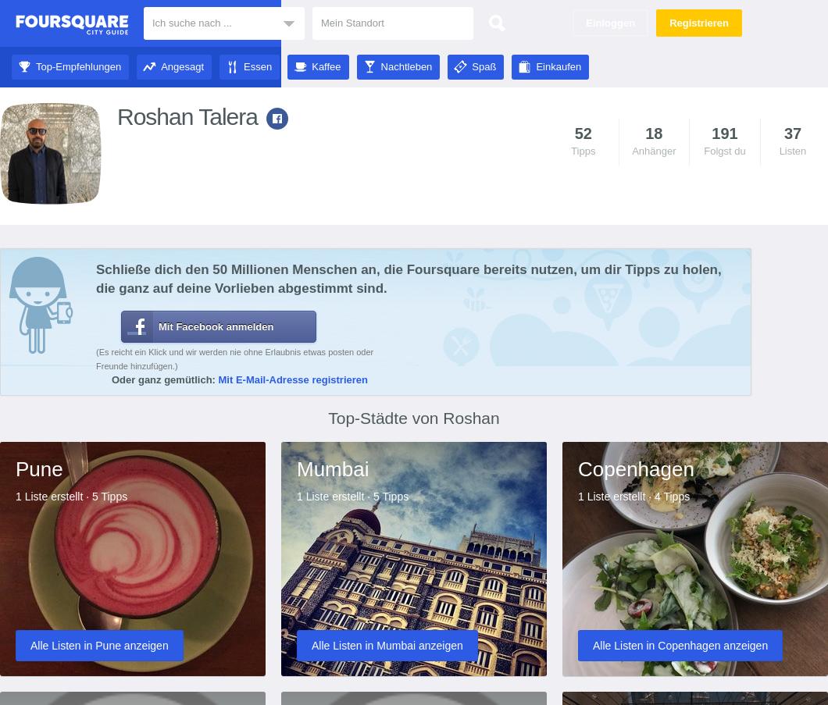 The height and width of the screenshot is (705, 828). I want to click on 'Oder ganz gemütlich:', so click(110, 379).